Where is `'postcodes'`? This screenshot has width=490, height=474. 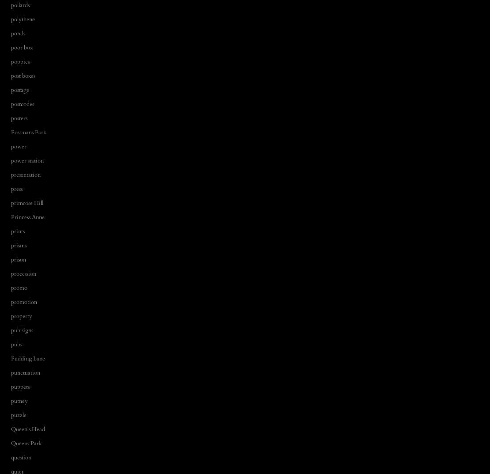 'postcodes' is located at coordinates (22, 103).